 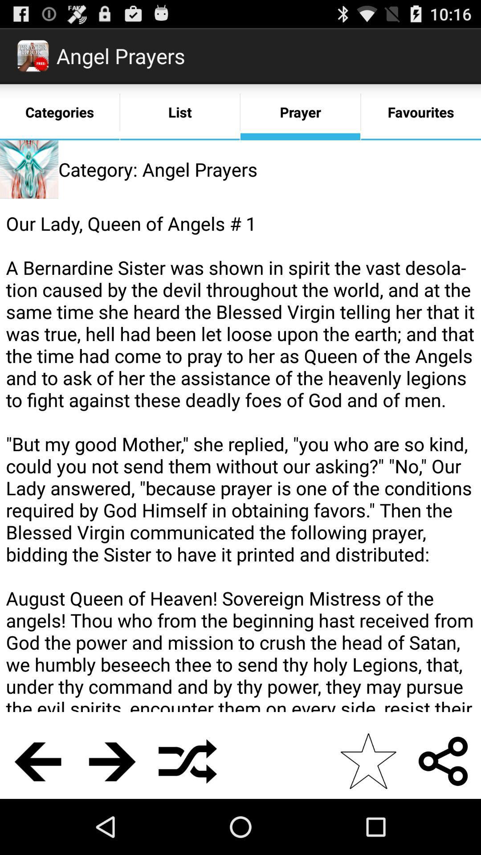 I want to click on bookmark elements so they are easier to find when needed, so click(x=368, y=761).